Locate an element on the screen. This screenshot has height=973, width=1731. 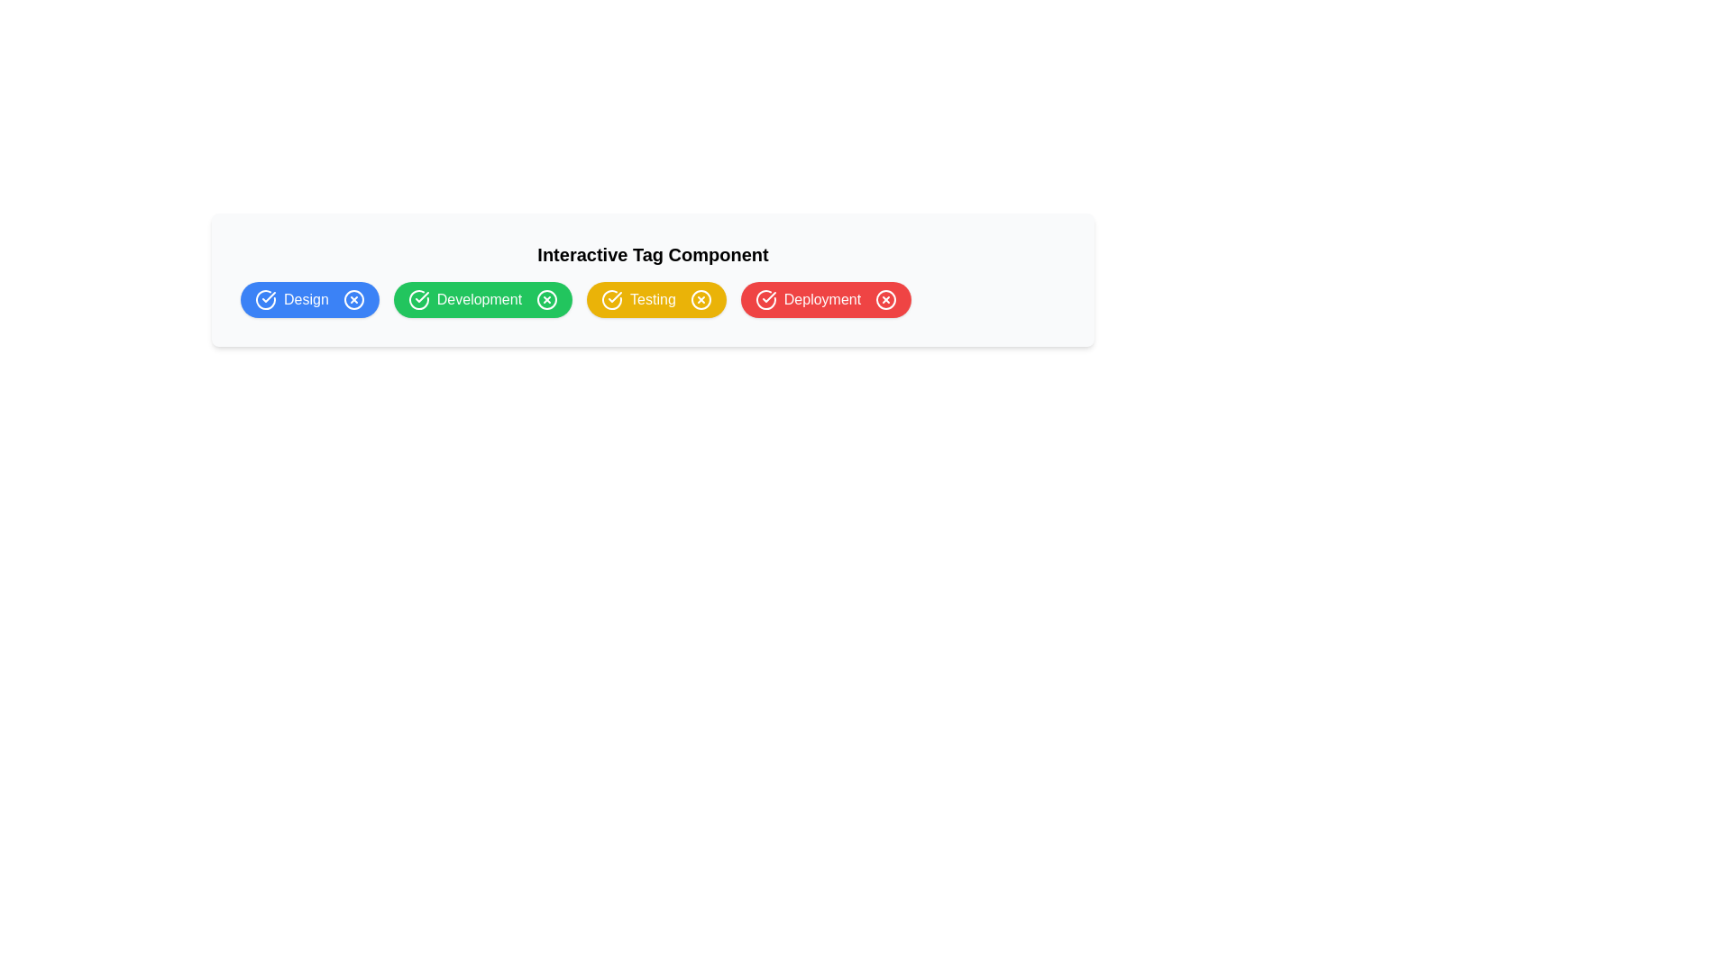
the text label displaying 'Testing' with a yellow background and white text, which is the third tag from the left in a row of tag-like buttons is located at coordinates (652, 298).